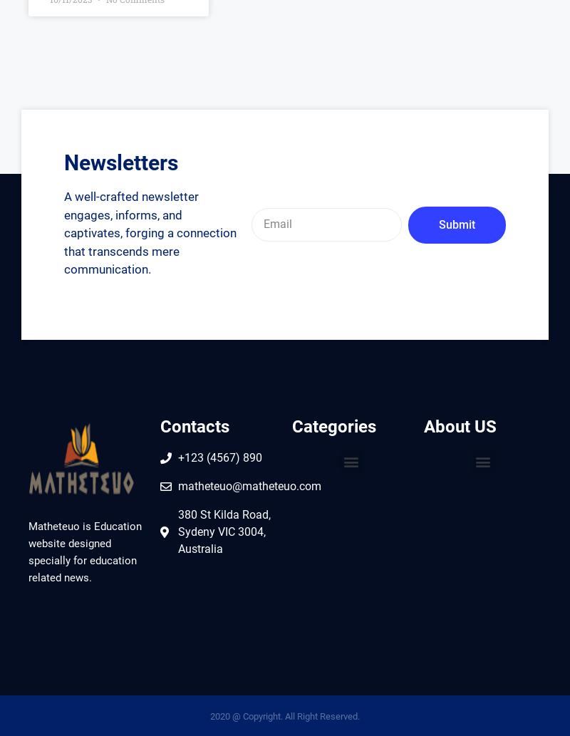  Describe the element at coordinates (455, 223) in the screenshot. I see `'Submit'` at that location.